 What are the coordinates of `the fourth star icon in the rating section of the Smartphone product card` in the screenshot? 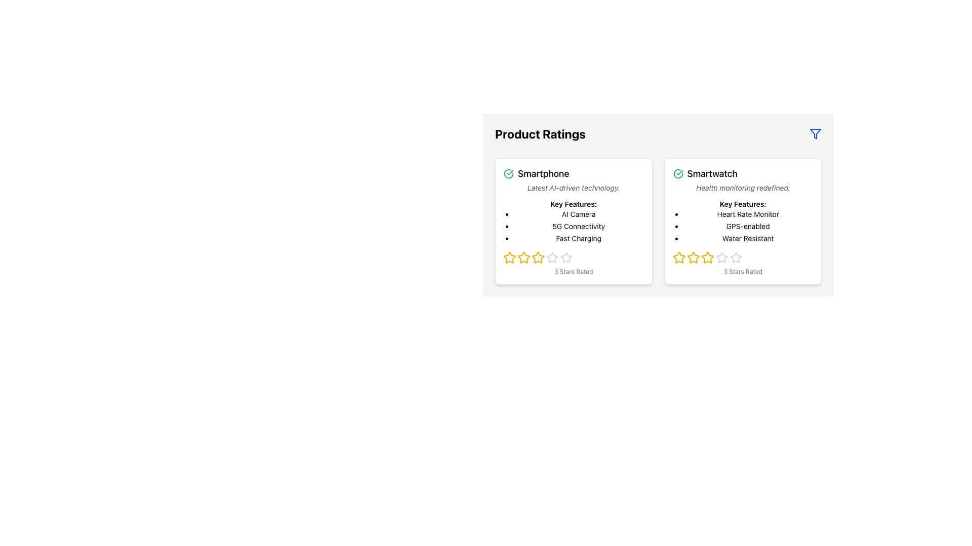 It's located at (551, 257).